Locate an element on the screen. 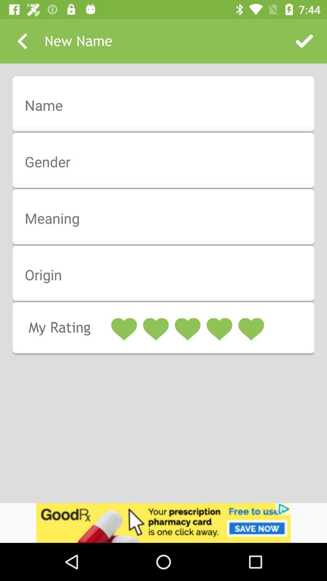 This screenshot has height=581, width=327. goes to goodrx website is located at coordinates (163, 523).